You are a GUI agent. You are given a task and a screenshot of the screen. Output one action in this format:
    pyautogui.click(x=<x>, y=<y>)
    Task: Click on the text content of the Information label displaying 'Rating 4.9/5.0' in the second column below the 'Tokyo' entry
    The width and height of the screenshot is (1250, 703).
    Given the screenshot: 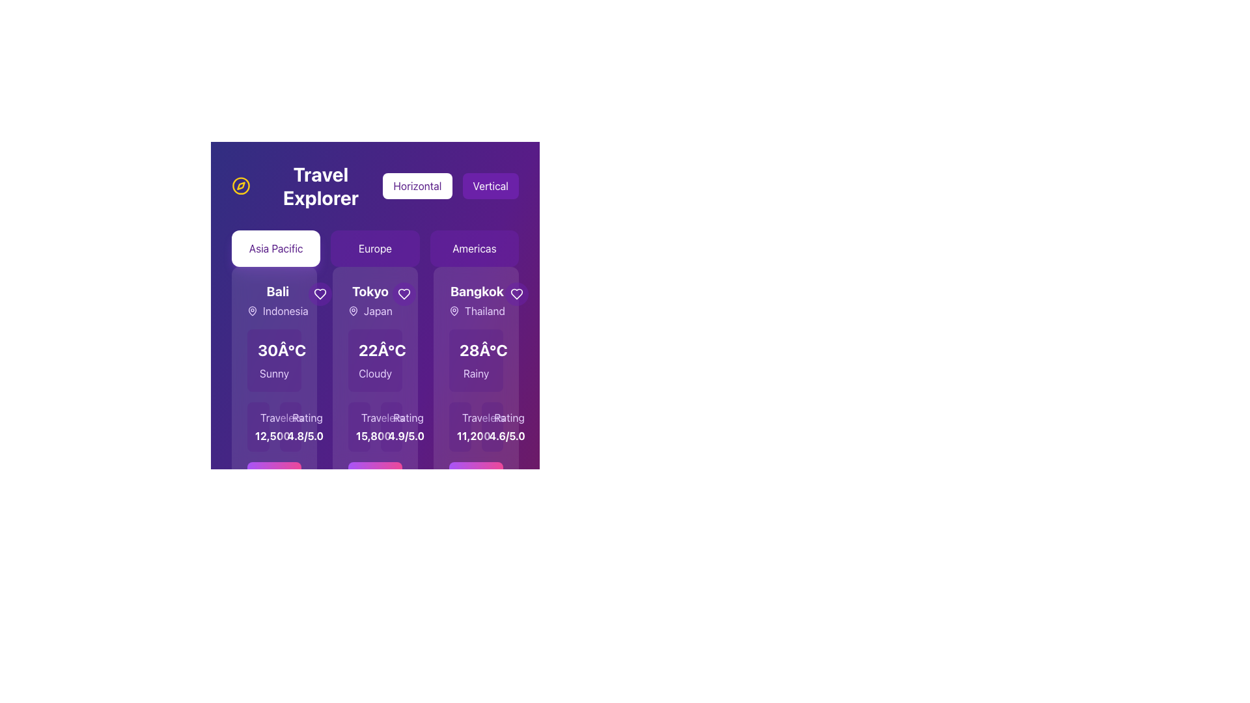 What is the action you would take?
    pyautogui.click(x=391, y=426)
    